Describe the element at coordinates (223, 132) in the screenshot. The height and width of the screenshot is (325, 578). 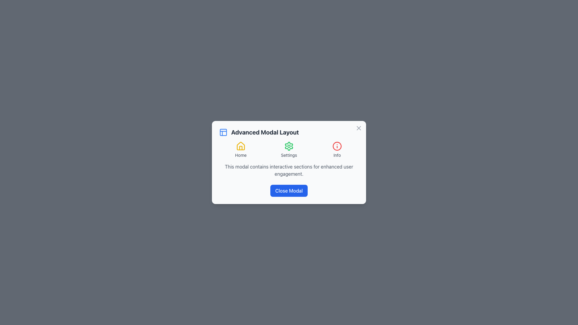
I see `the decorative icon located at the upper left corner of the modal, preceding the text 'Advanced Modal Layout.'` at that location.